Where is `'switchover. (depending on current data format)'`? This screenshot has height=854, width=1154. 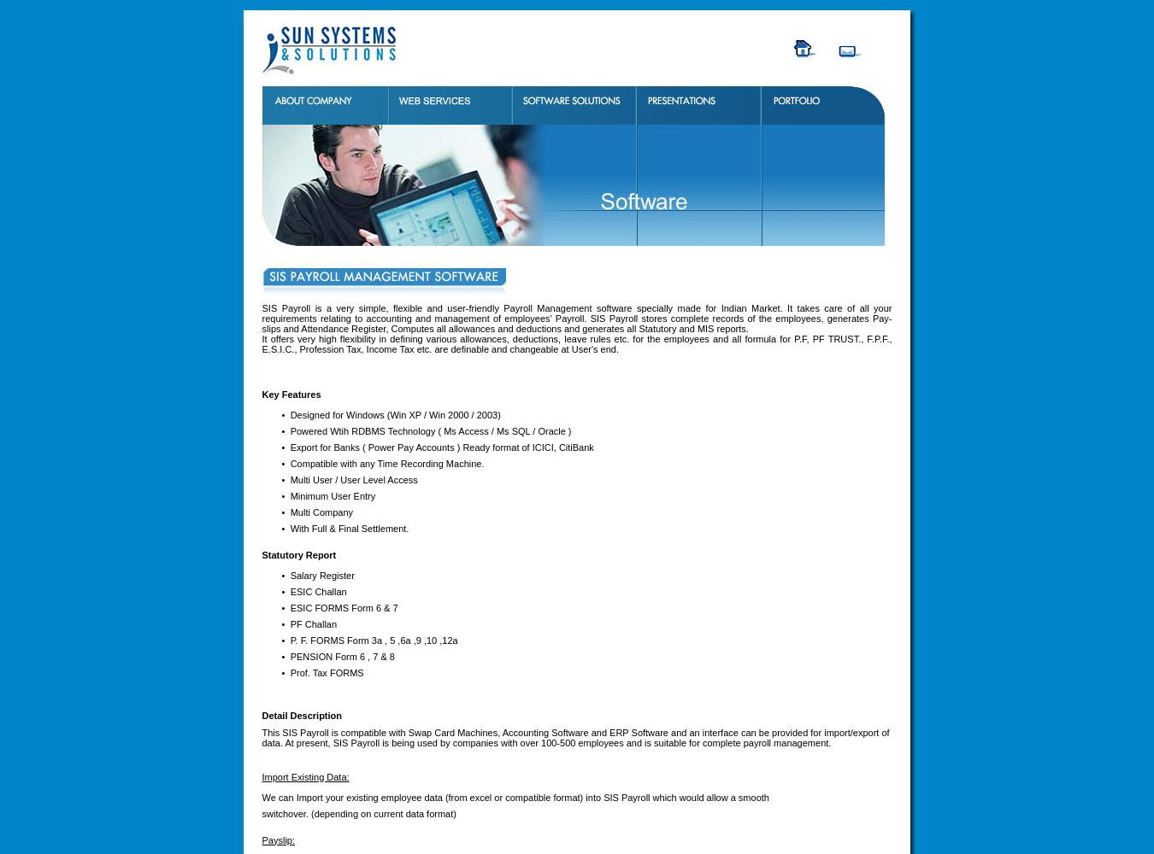
'switchover. (depending on current data format)' is located at coordinates (358, 812).